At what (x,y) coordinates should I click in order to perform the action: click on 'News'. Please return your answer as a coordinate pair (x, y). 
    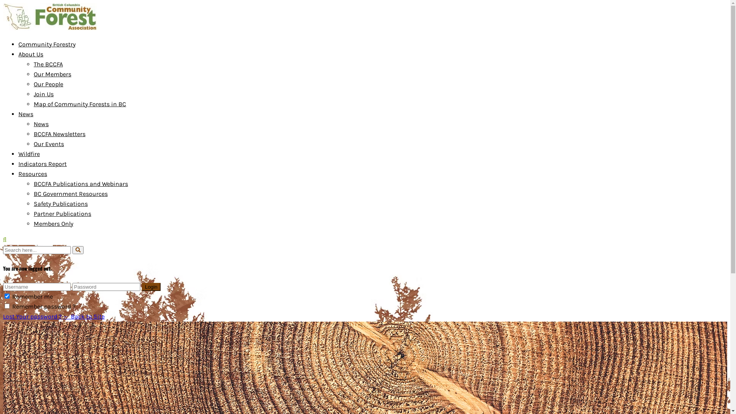
    Looking at the image, I should click on (26, 114).